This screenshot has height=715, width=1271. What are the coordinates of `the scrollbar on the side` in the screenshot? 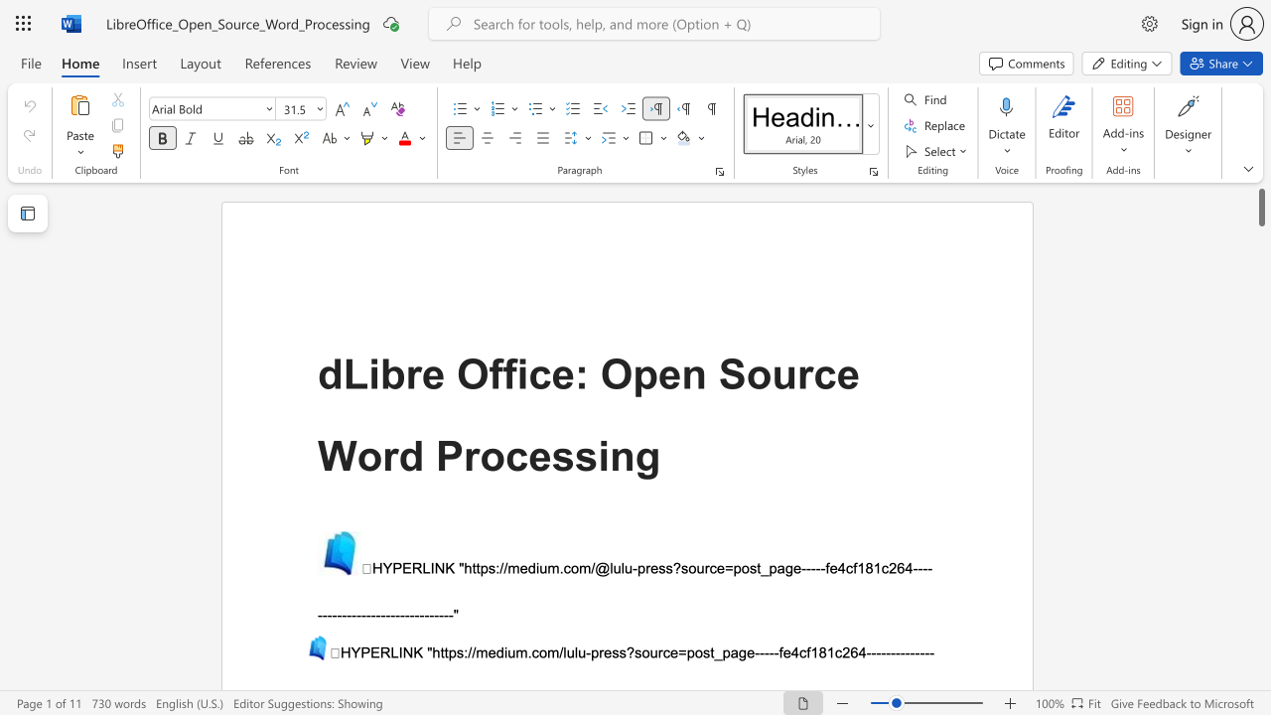 It's located at (1260, 457).